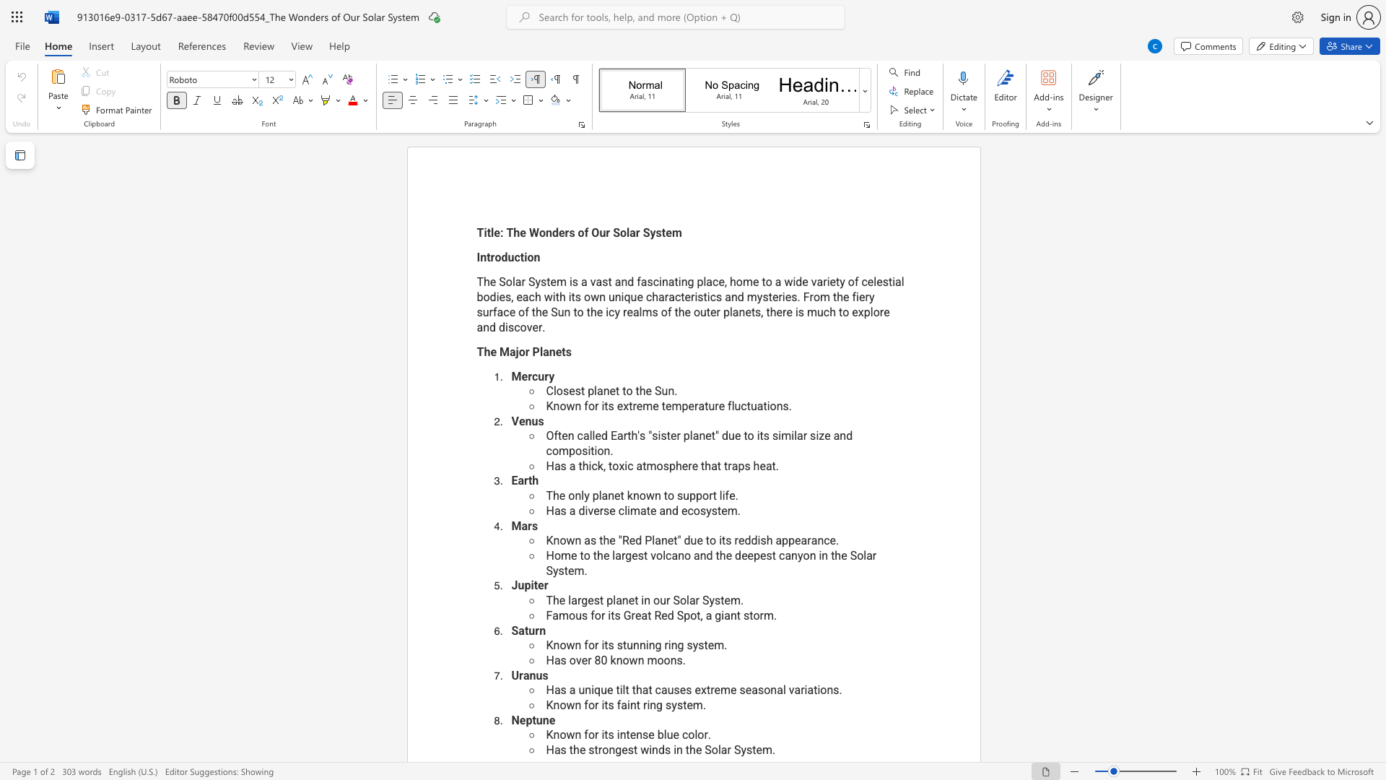 This screenshot has width=1386, height=780. Describe the element at coordinates (751, 689) in the screenshot. I see `the subset text "ason" within the text "Has a unique tilt that causes extreme seasonal variations."` at that location.